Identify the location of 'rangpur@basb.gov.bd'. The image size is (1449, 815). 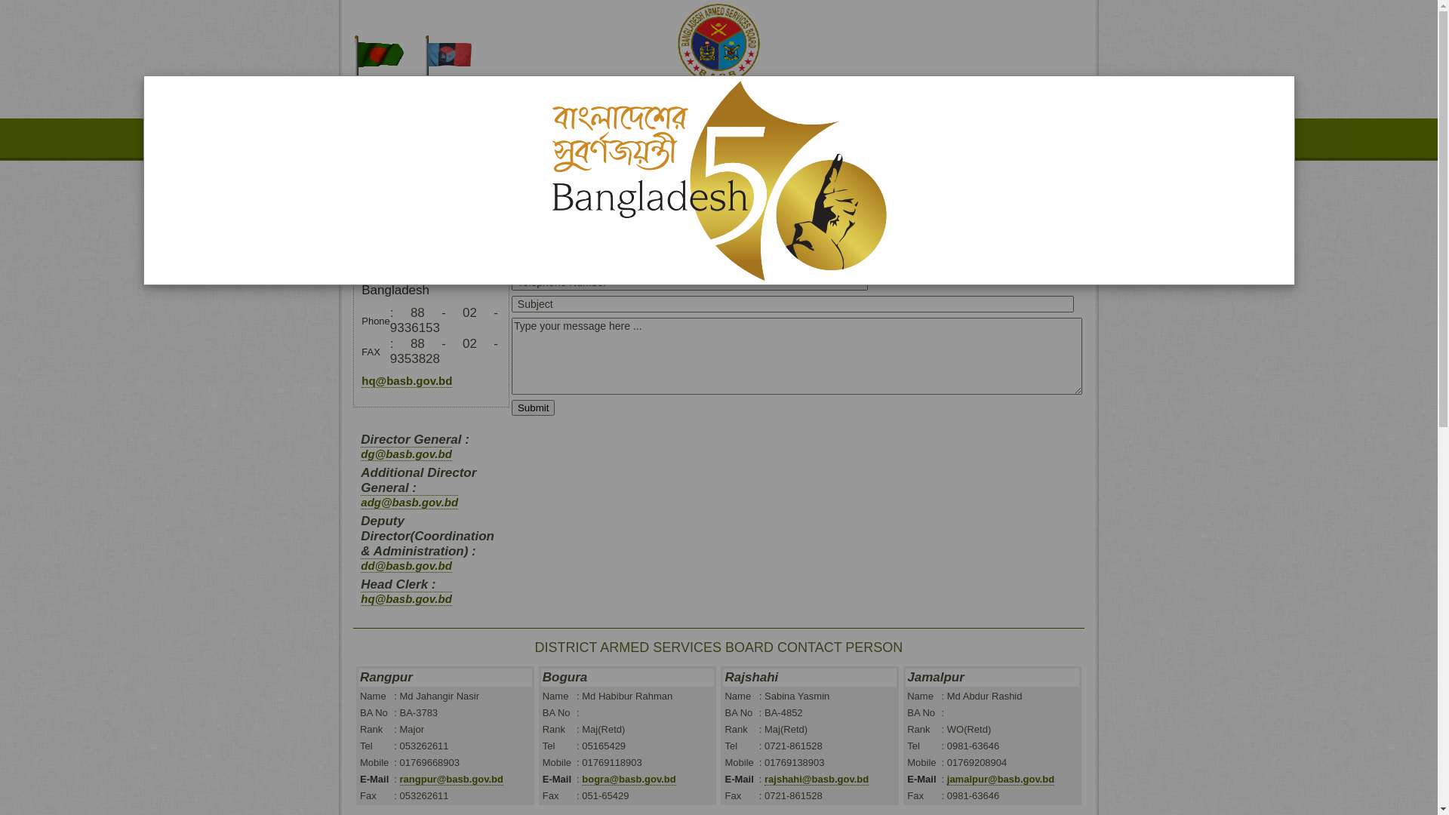
(451, 780).